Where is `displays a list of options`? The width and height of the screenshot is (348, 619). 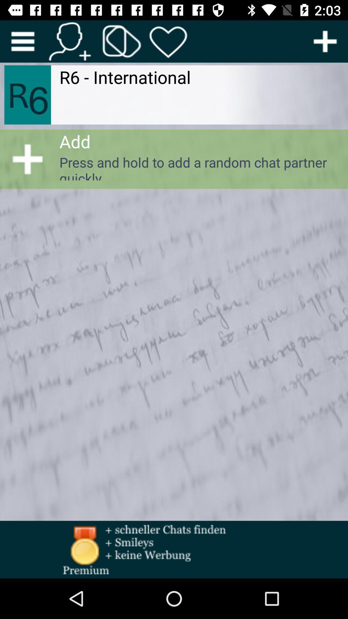
displays a list of options is located at coordinates (22, 41).